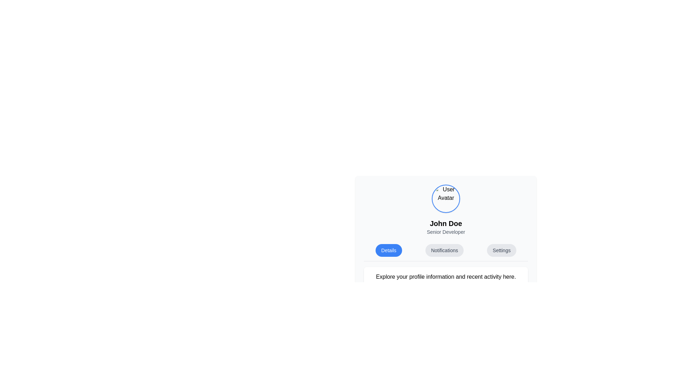  What do you see at coordinates (446, 224) in the screenshot?
I see `the user name label located centrally below the user avatar image and above the subtitle 'Senior Developer' in the user profile section` at bounding box center [446, 224].